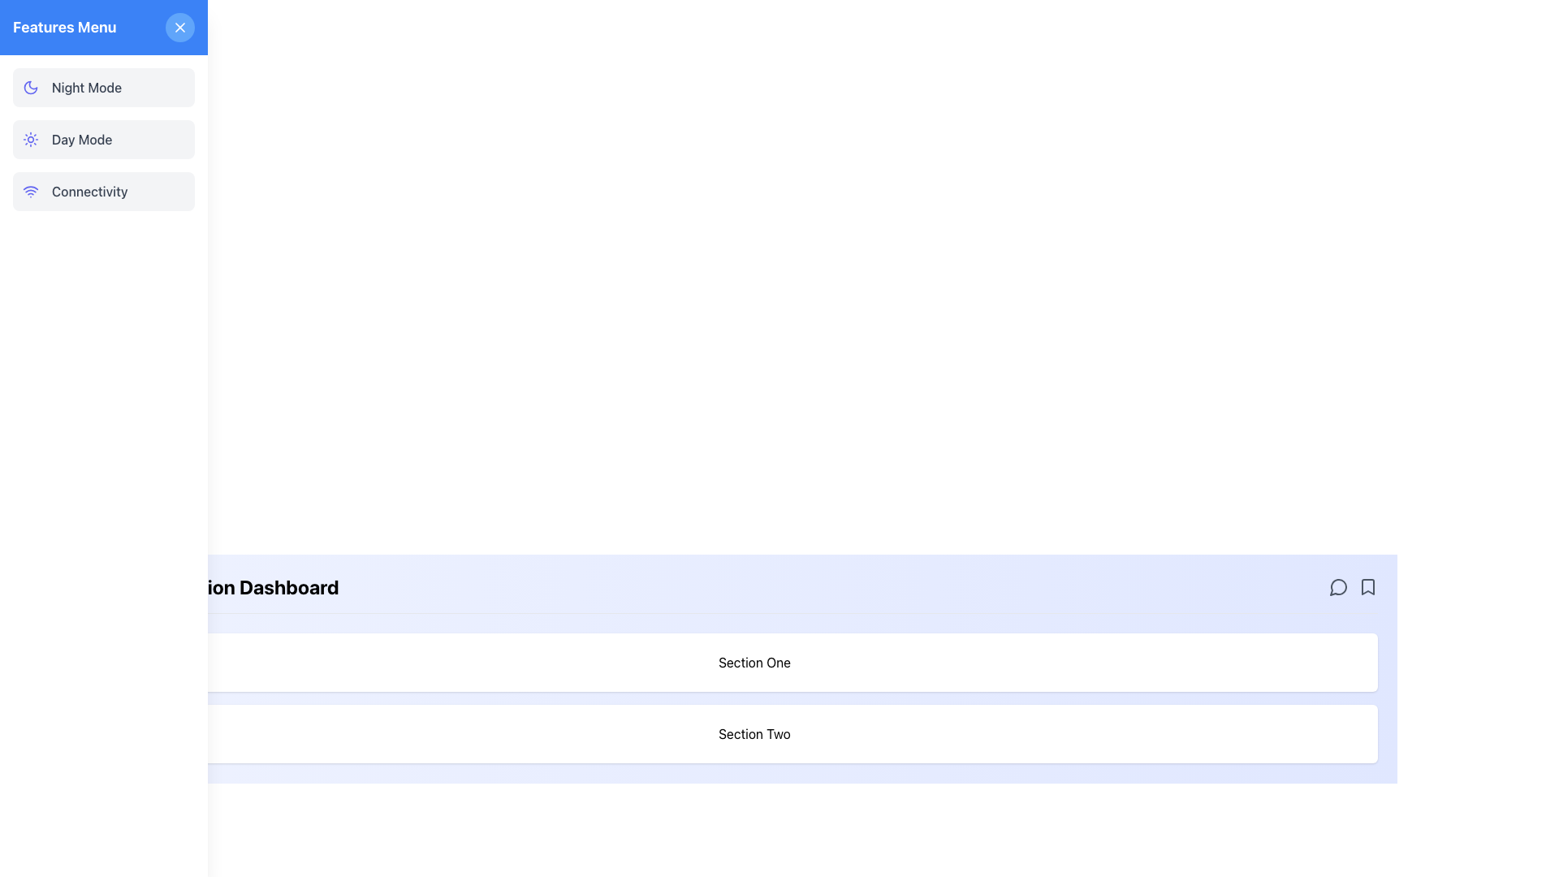  Describe the element at coordinates (31, 190) in the screenshot. I see `the decorative icon associated with the 'Connectivity' option in the left vertical navigation menu, located adjacent to the 'Connectivity' button` at that location.